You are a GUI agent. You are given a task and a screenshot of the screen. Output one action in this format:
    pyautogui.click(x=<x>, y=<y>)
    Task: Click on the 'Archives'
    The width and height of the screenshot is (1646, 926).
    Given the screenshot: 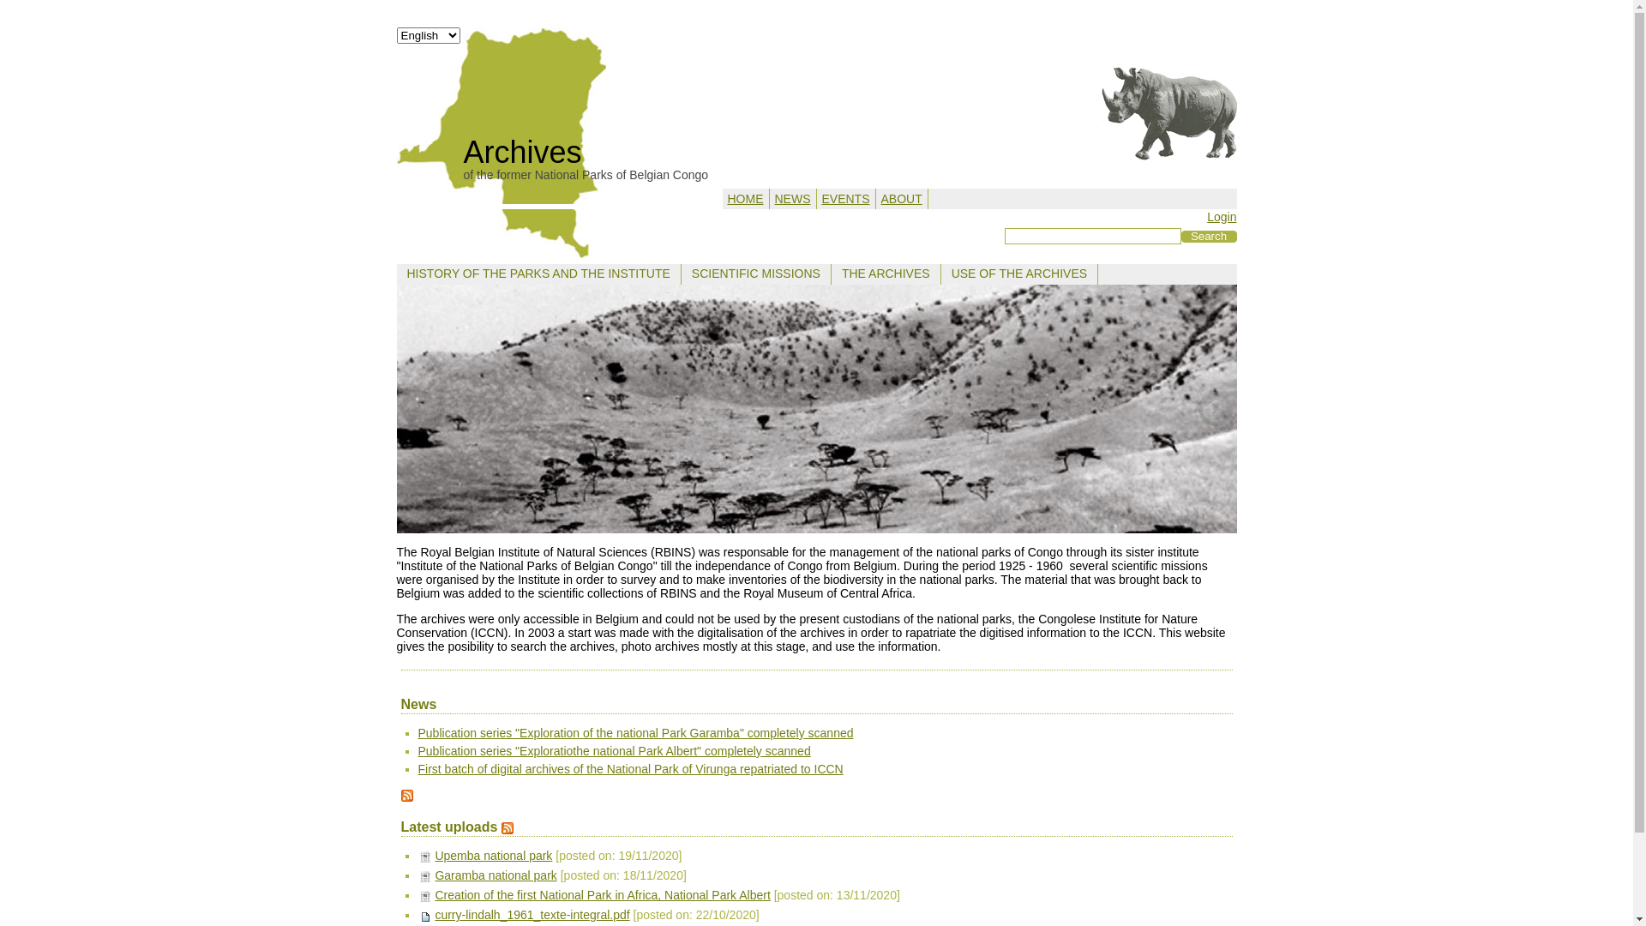 What is the action you would take?
    pyautogui.click(x=521, y=151)
    